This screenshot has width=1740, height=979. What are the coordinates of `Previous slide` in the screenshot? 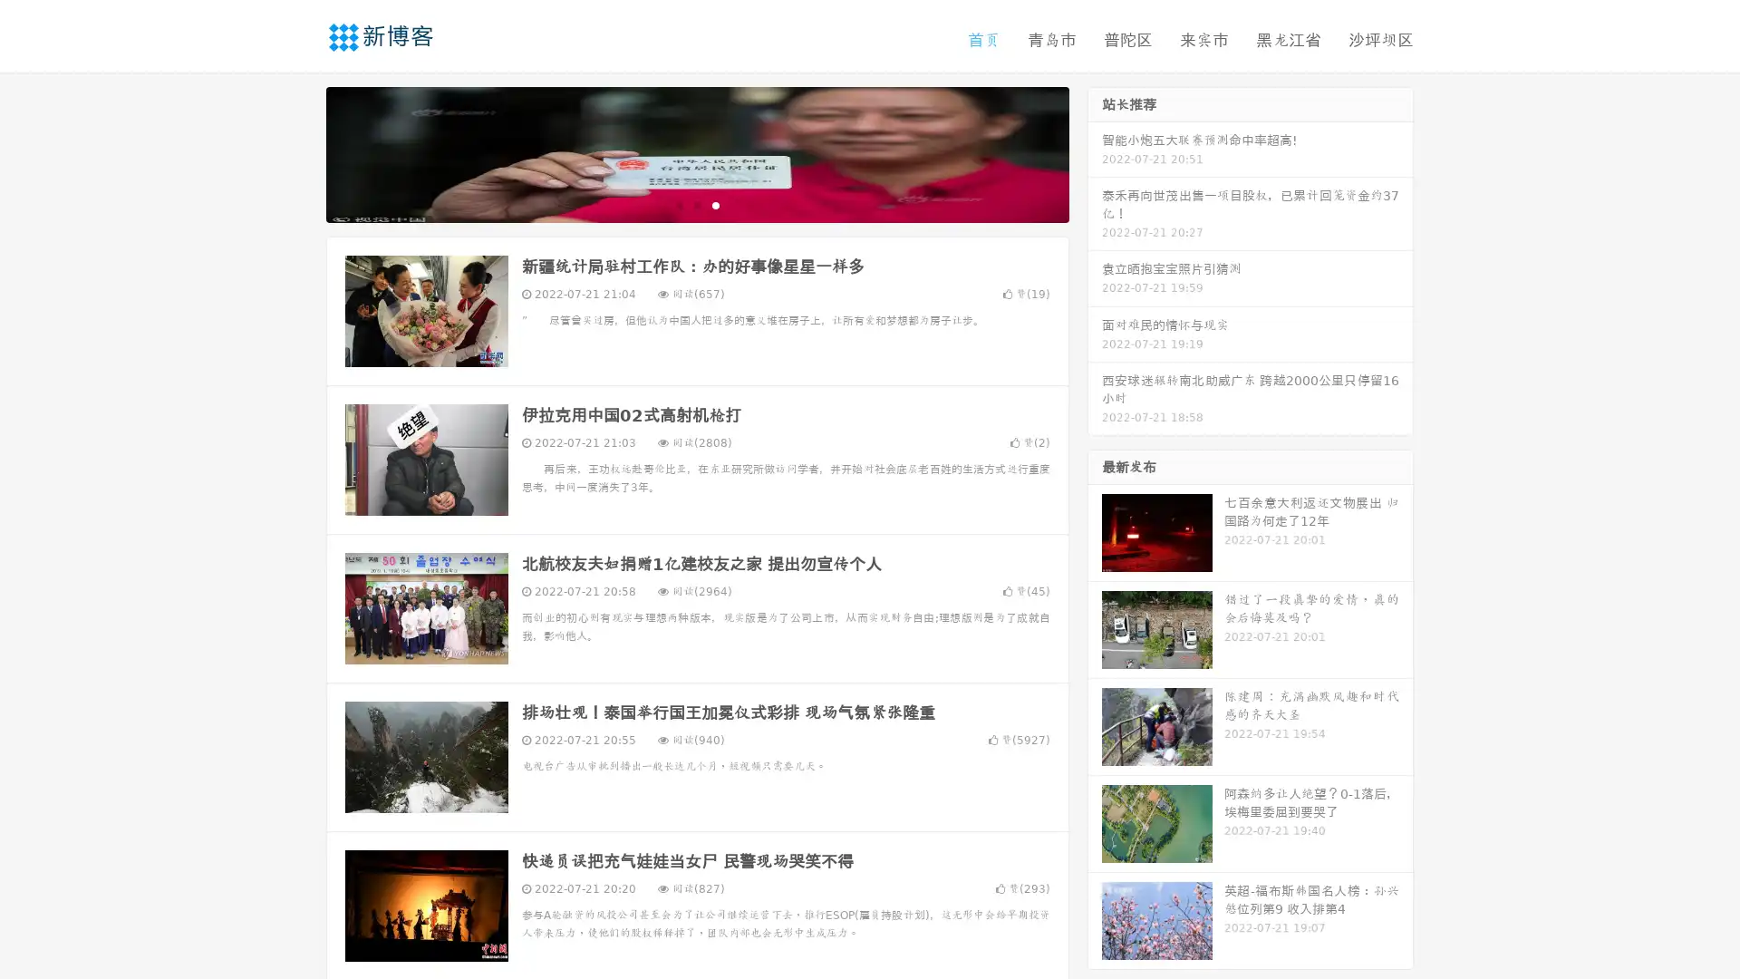 It's located at (299, 152).